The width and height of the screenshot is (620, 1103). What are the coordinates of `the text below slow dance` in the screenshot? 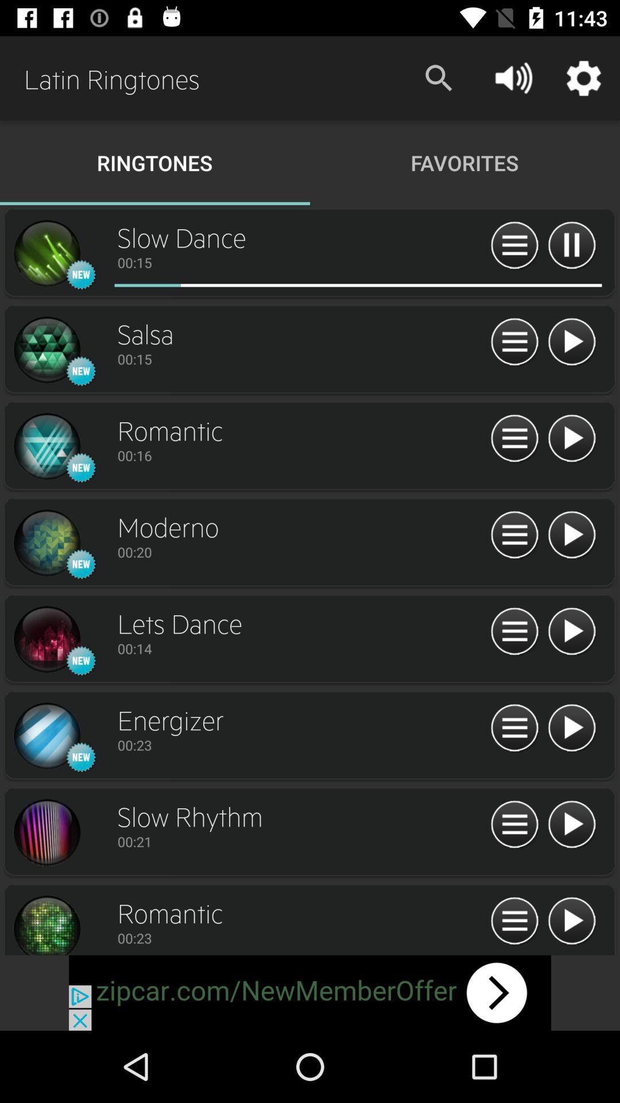 It's located at (300, 261).